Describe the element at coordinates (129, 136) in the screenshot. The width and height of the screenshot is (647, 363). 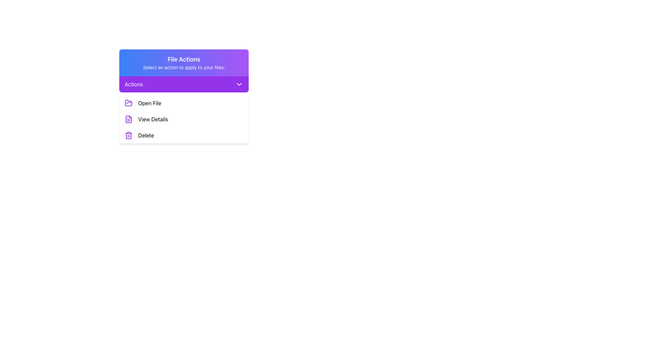
I see `the medium-sized trash can icon with a purple outline located in the 'Delete' option of the dropdown menu` at that location.